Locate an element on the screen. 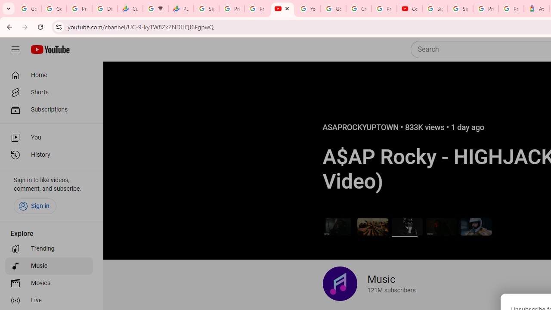  'Trending' is located at coordinates (48, 249).